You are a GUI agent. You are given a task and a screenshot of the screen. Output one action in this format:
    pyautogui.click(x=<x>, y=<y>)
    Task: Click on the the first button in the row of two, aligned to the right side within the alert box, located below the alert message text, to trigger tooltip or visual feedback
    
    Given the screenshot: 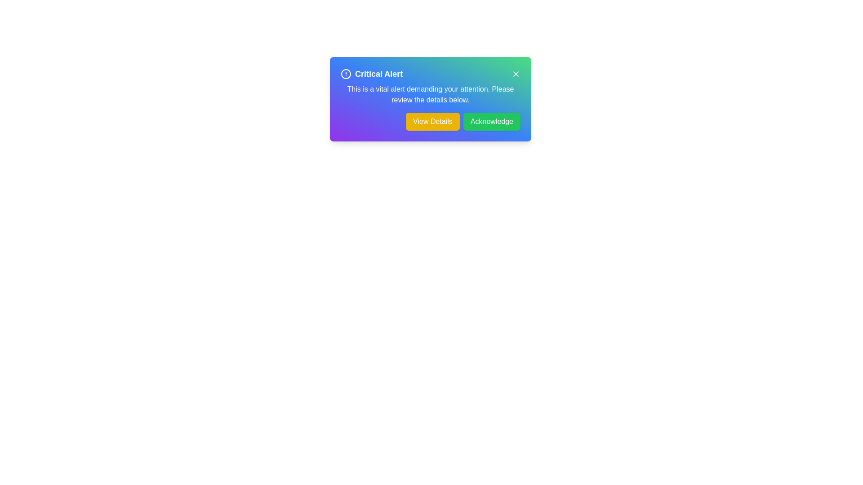 What is the action you would take?
    pyautogui.click(x=430, y=121)
    